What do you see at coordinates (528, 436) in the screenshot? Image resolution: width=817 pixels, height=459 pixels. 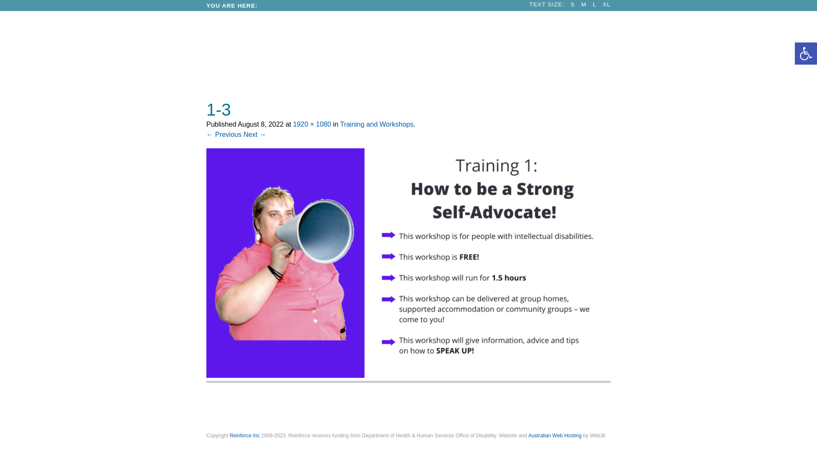 I see `'Australian Web Hosting'` at bounding box center [528, 436].